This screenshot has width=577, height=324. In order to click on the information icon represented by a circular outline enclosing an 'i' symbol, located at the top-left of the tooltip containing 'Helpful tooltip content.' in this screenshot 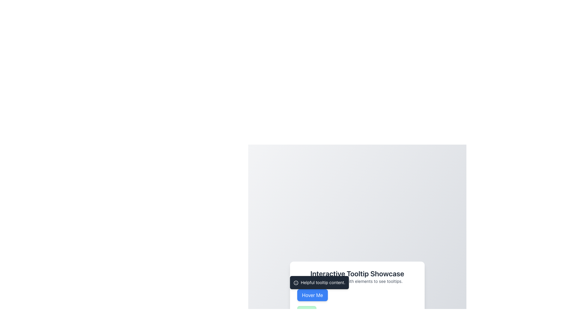, I will do `click(296, 283)`.